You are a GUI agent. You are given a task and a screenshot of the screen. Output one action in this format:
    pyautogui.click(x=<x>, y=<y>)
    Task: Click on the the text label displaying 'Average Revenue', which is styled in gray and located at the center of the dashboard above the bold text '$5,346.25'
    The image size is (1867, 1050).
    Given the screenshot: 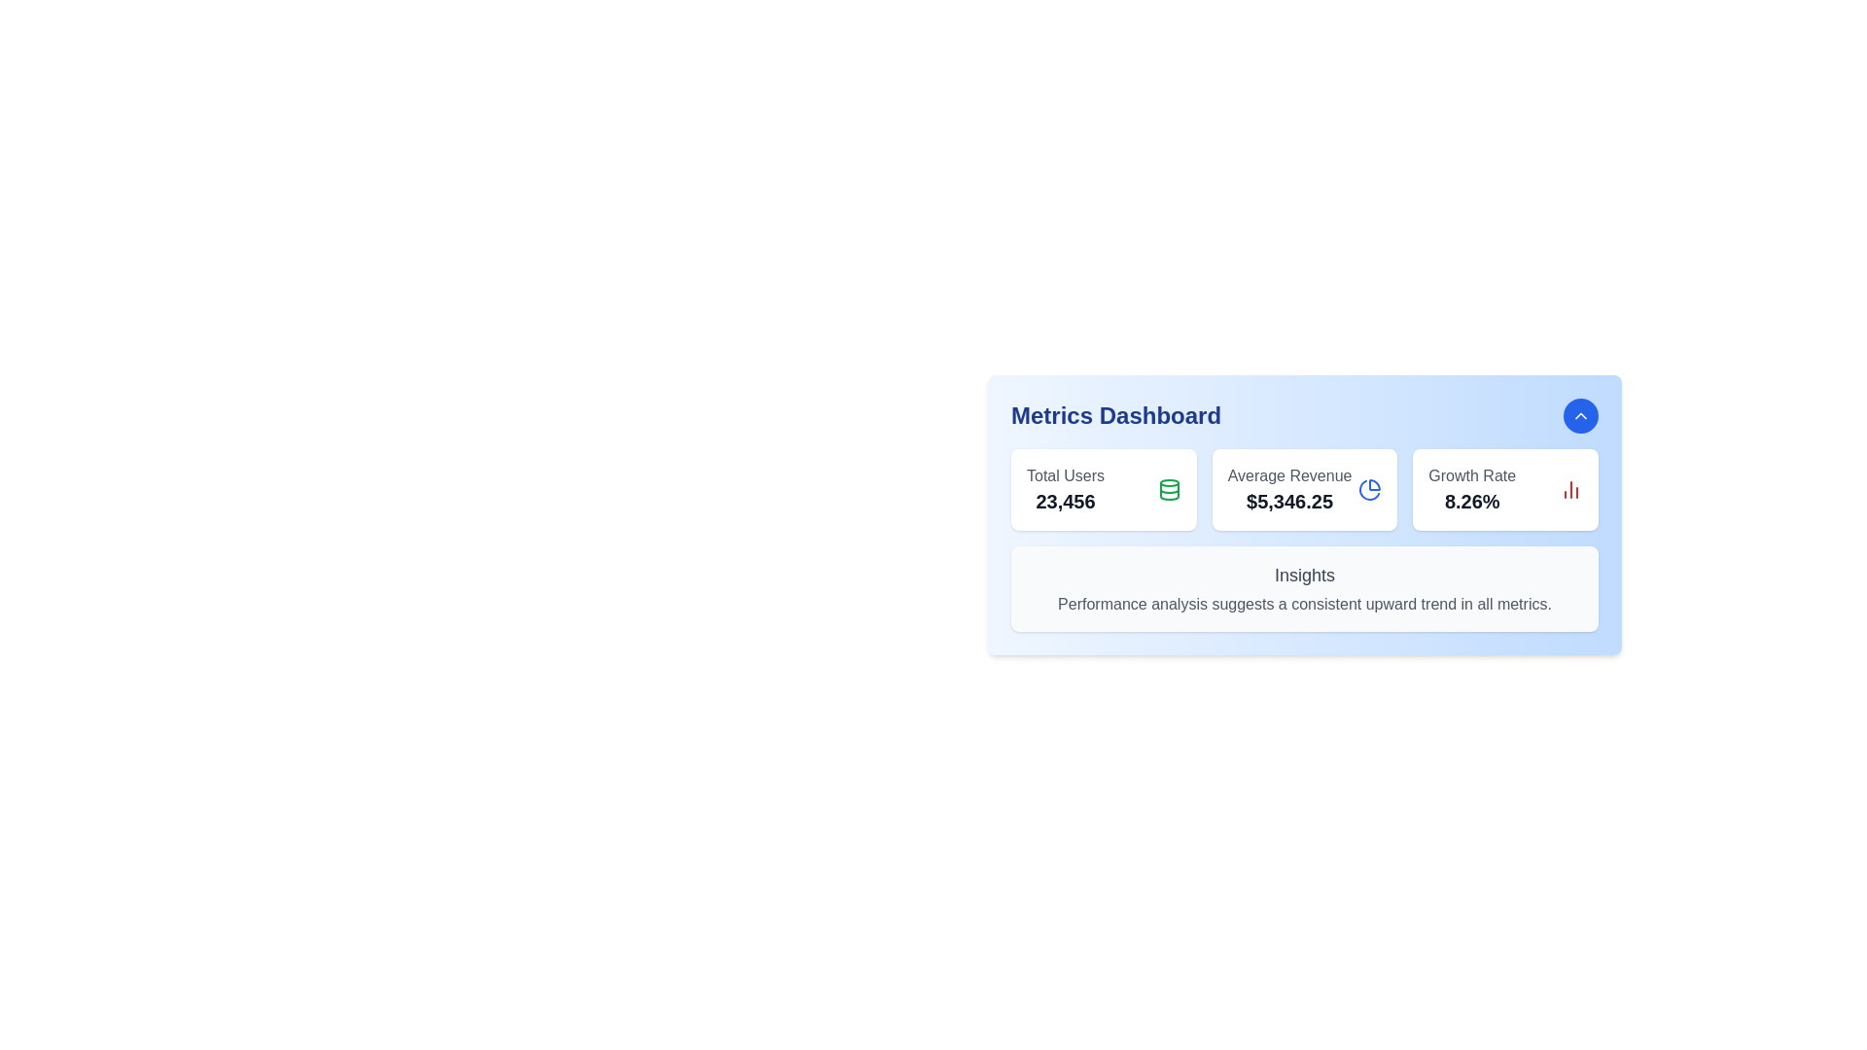 What is the action you would take?
    pyautogui.click(x=1289, y=475)
    